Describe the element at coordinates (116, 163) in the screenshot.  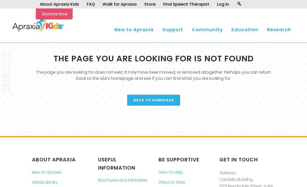
I see `'Useful Information'` at that location.